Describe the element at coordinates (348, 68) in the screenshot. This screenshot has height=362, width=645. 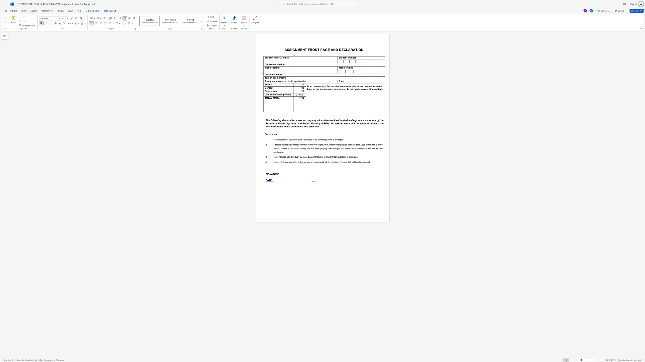
I see `the 1th character "C" in the text` at that location.